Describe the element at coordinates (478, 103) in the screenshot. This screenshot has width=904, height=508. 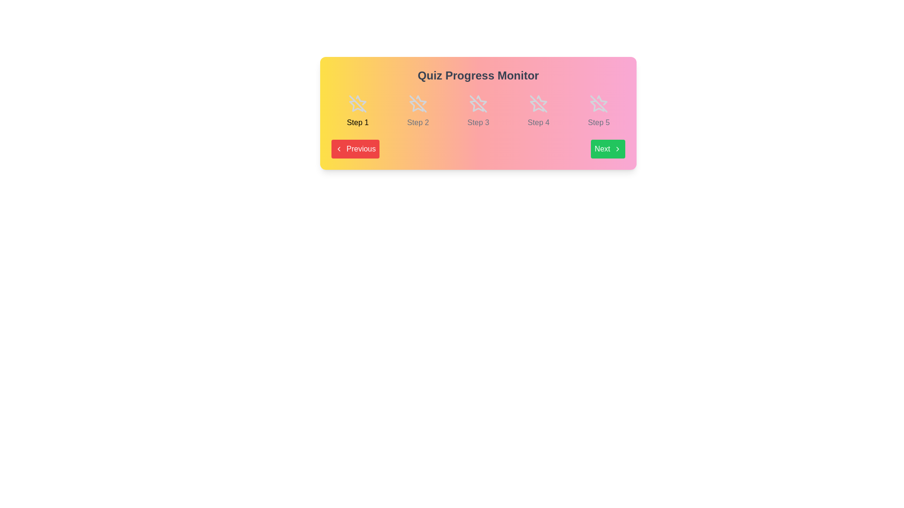
I see `the star-shaped icon with a diagonal line crossing it, which is the third item in a horizontal layout of five icons, styled in grey with a transparent background` at that location.